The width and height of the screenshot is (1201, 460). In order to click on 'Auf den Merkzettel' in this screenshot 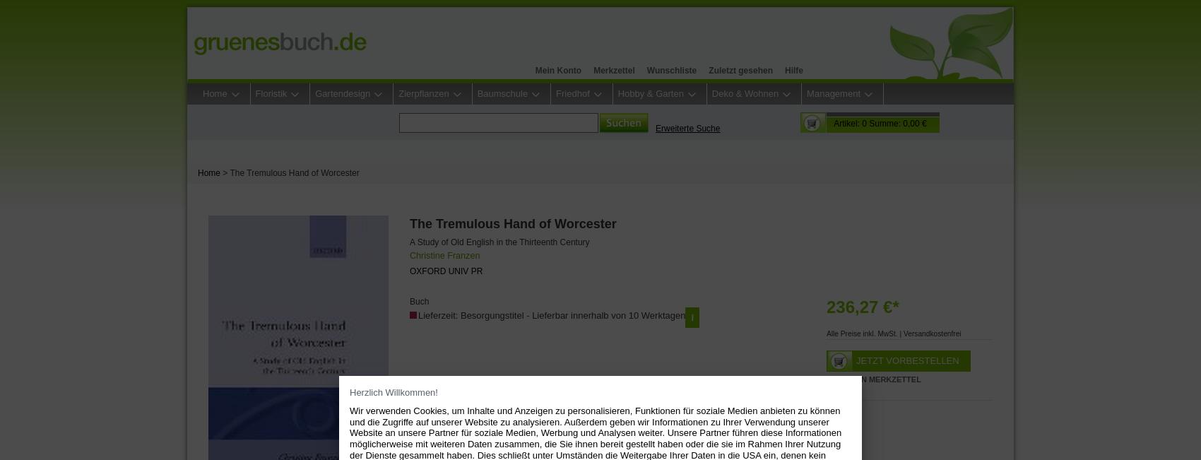, I will do `click(875, 378)`.